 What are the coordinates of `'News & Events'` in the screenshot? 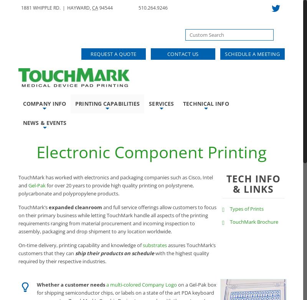 It's located at (44, 123).